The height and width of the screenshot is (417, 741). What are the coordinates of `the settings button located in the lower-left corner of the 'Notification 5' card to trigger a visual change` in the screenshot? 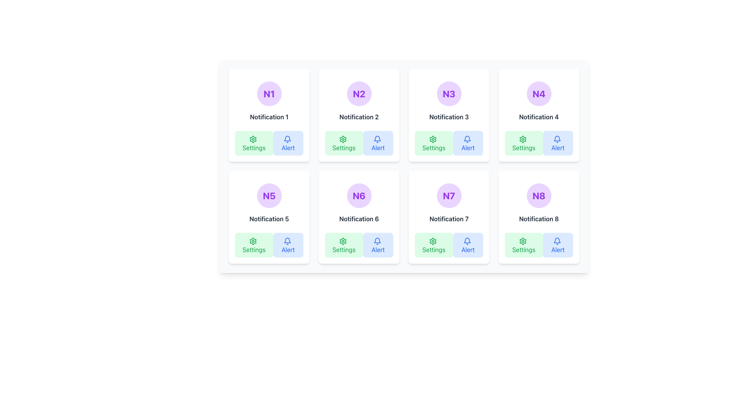 It's located at (254, 245).